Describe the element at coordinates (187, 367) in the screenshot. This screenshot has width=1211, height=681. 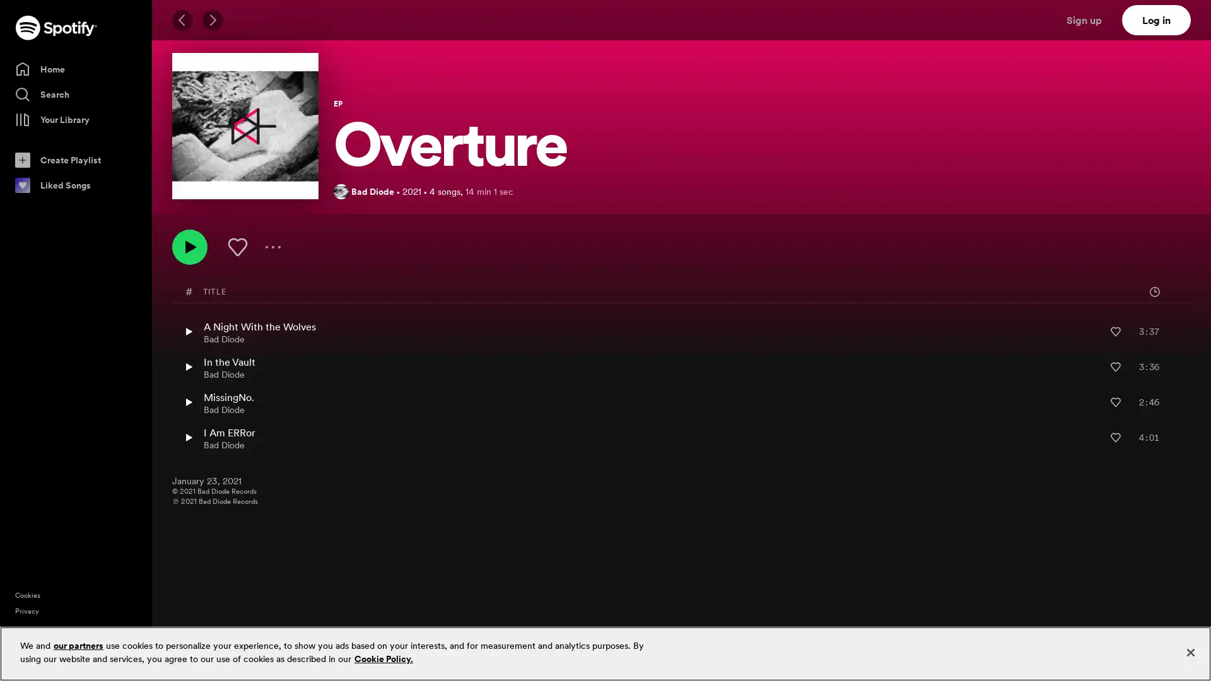
I see `Play In the Vault by Bad Diode` at that location.